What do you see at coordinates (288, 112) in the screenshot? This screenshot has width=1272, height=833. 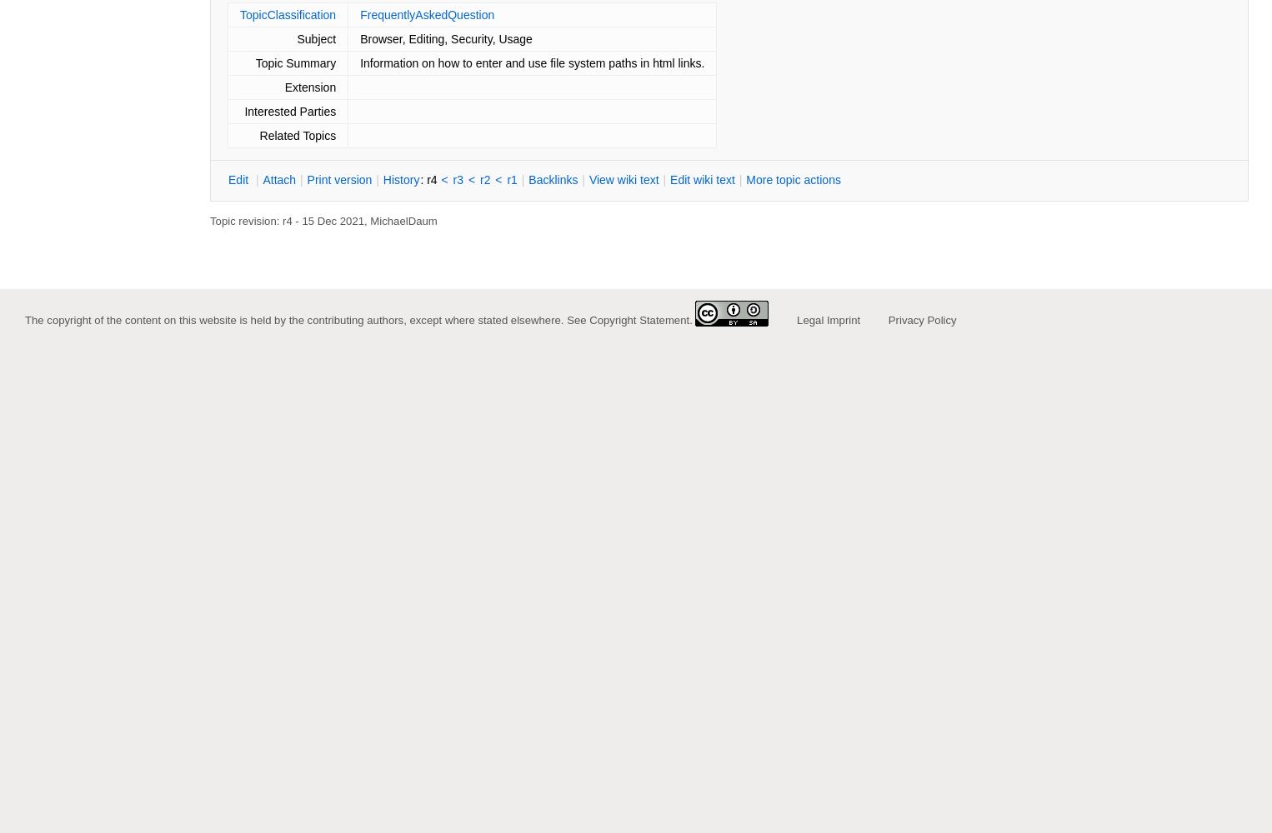 I see `'Interested Parties'` at bounding box center [288, 112].